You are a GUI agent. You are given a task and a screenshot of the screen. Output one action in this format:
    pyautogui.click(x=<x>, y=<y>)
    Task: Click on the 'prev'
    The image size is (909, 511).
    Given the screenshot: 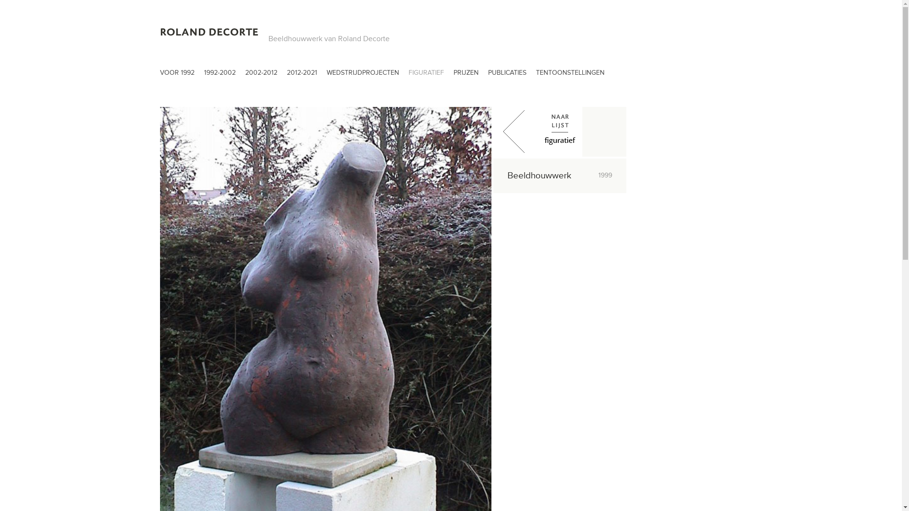 What is the action you would take?
    pyautogui.click(x=492, y=132)
    